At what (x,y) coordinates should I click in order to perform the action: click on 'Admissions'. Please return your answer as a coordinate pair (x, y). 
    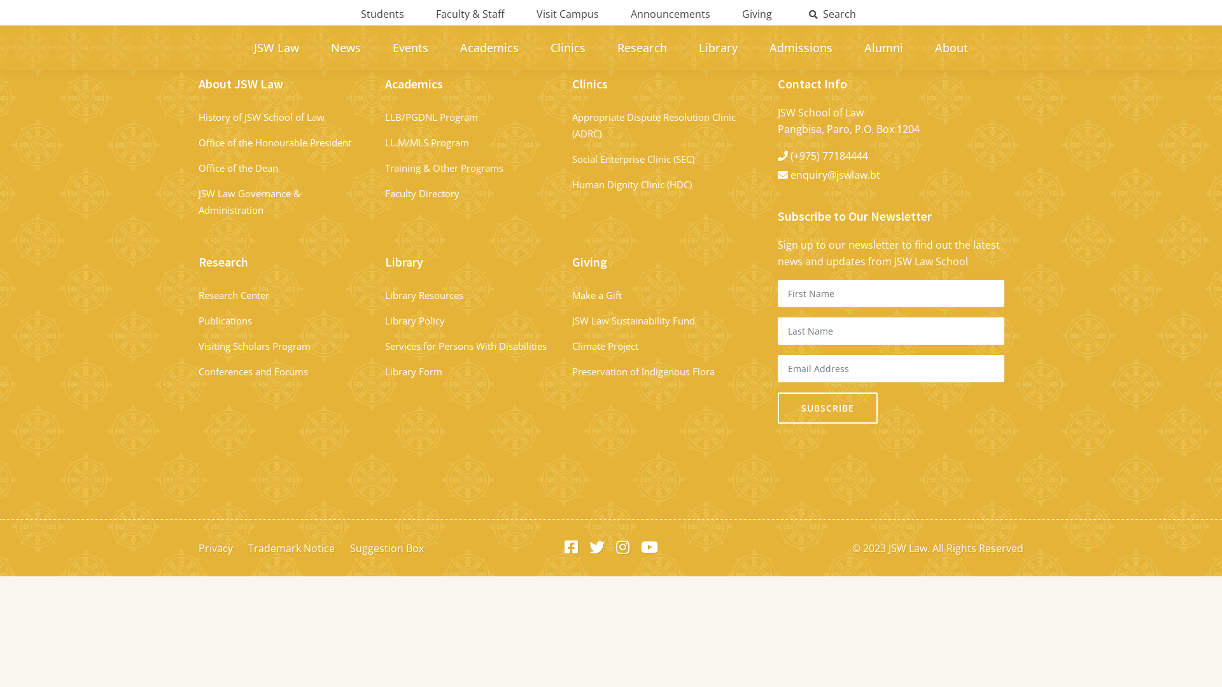
    Looking at the image, I should click on (800, 46).